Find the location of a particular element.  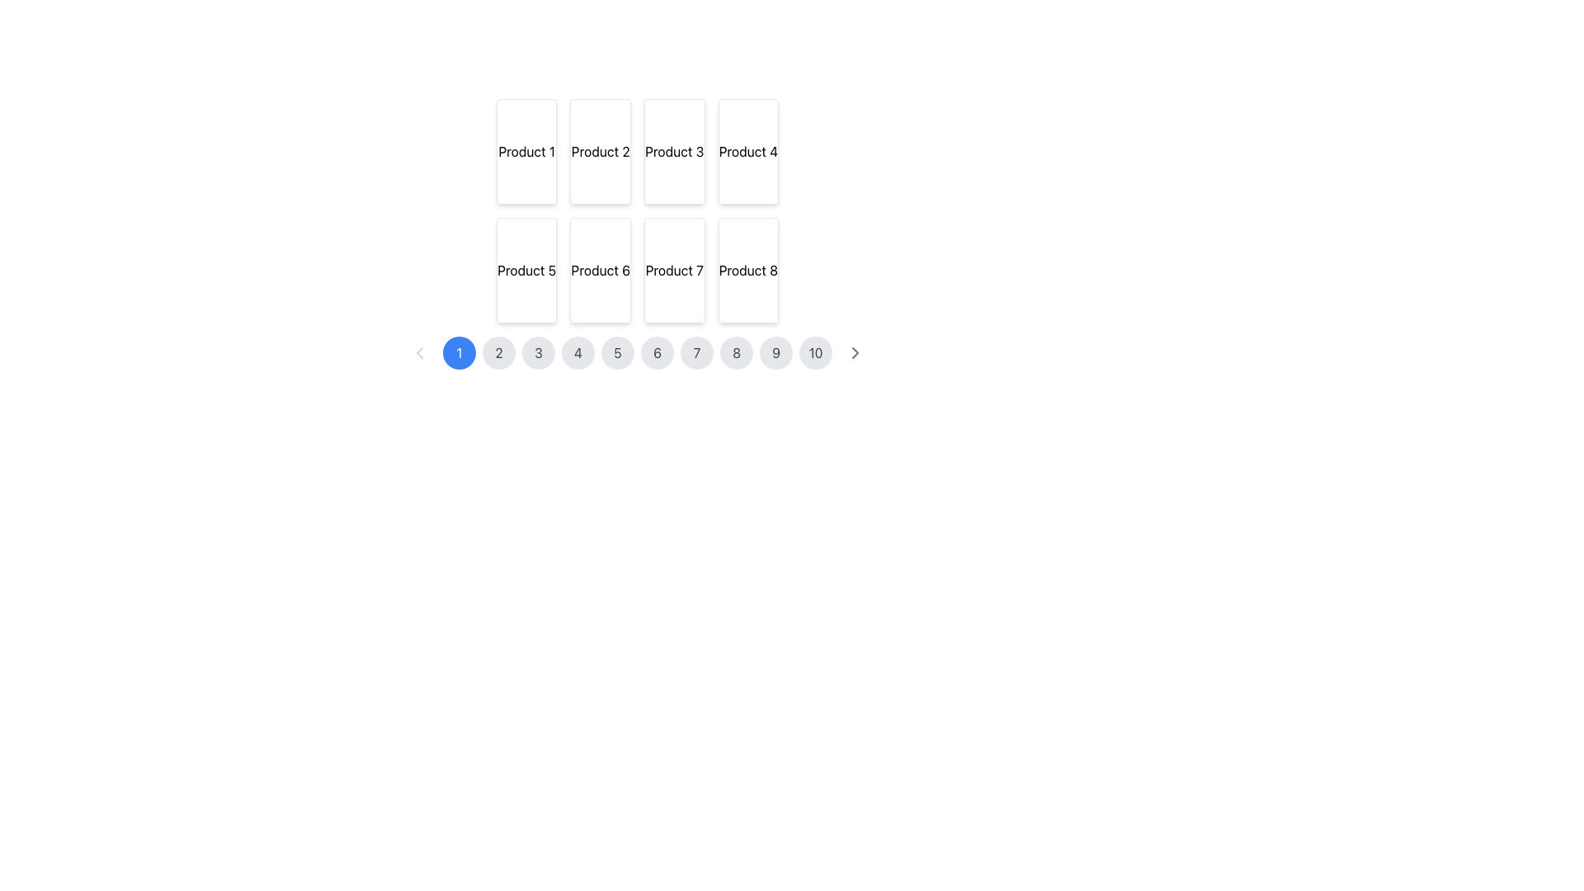

the Display card containing 'Product 3', which is the third item in the first row of a 4-column grid layout is located at coordinates (674, 152).